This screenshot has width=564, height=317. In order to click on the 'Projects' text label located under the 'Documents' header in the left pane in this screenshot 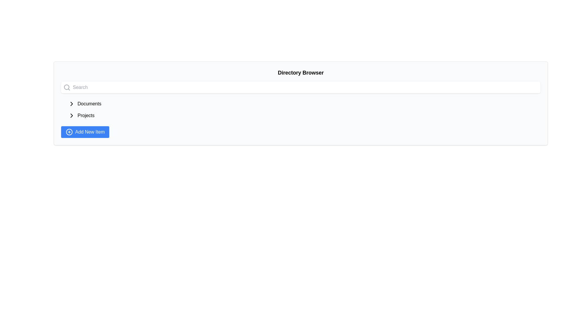, I will do `click(85, 115)`.